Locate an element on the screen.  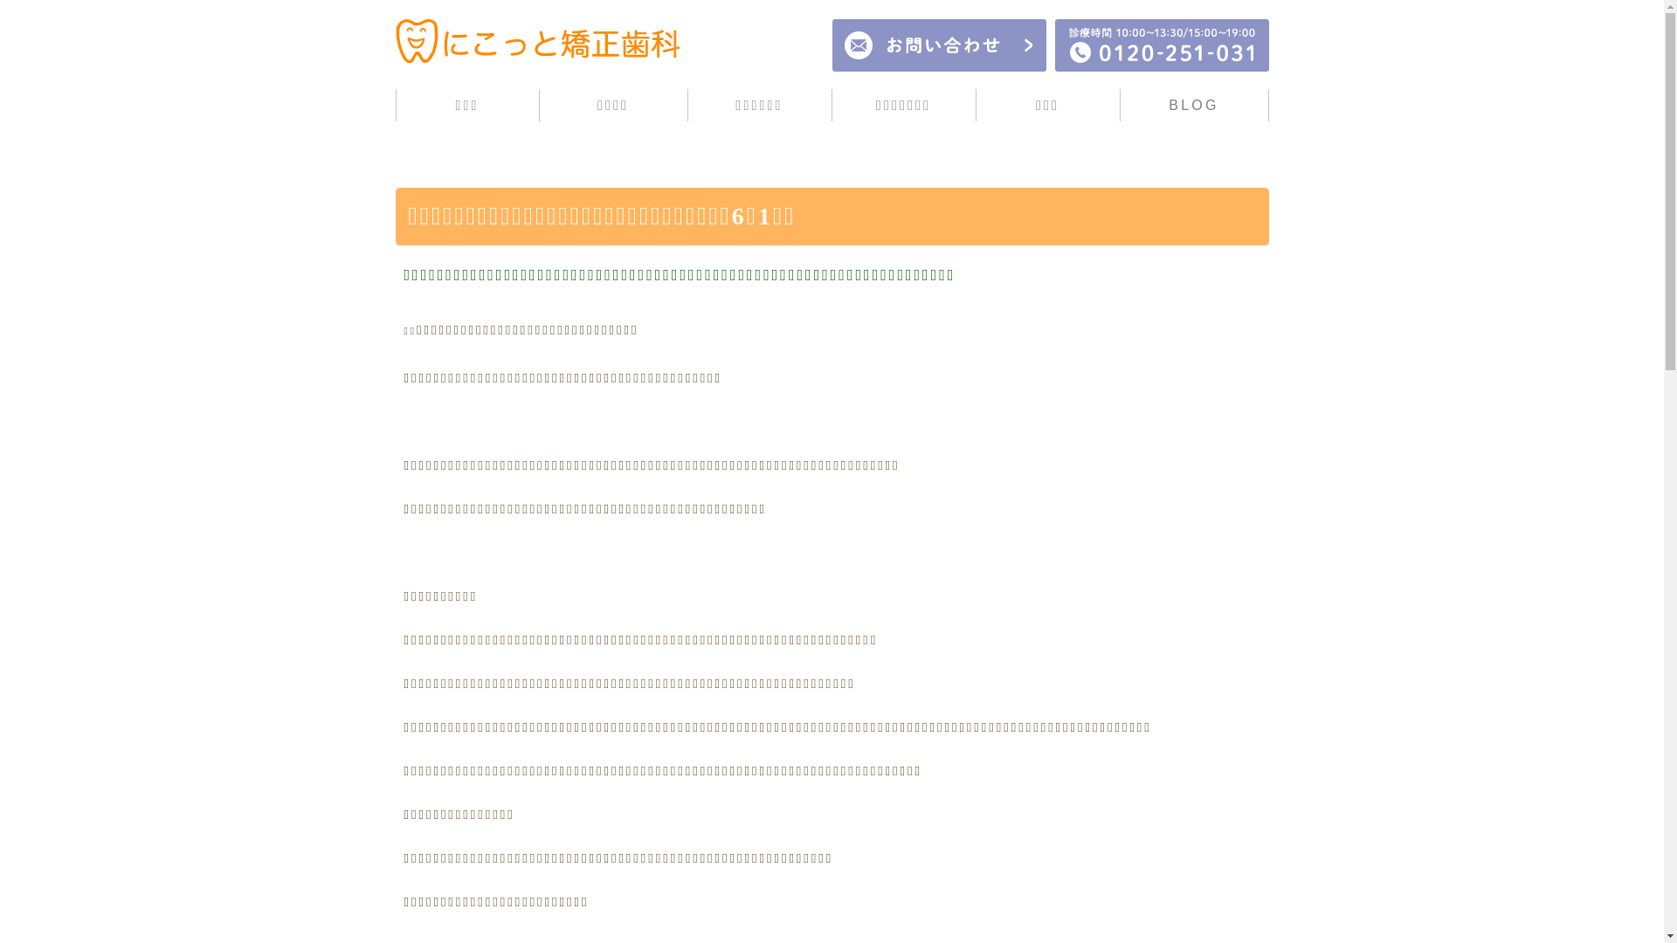
'BLOG' is located at coordinates (1192, 105).